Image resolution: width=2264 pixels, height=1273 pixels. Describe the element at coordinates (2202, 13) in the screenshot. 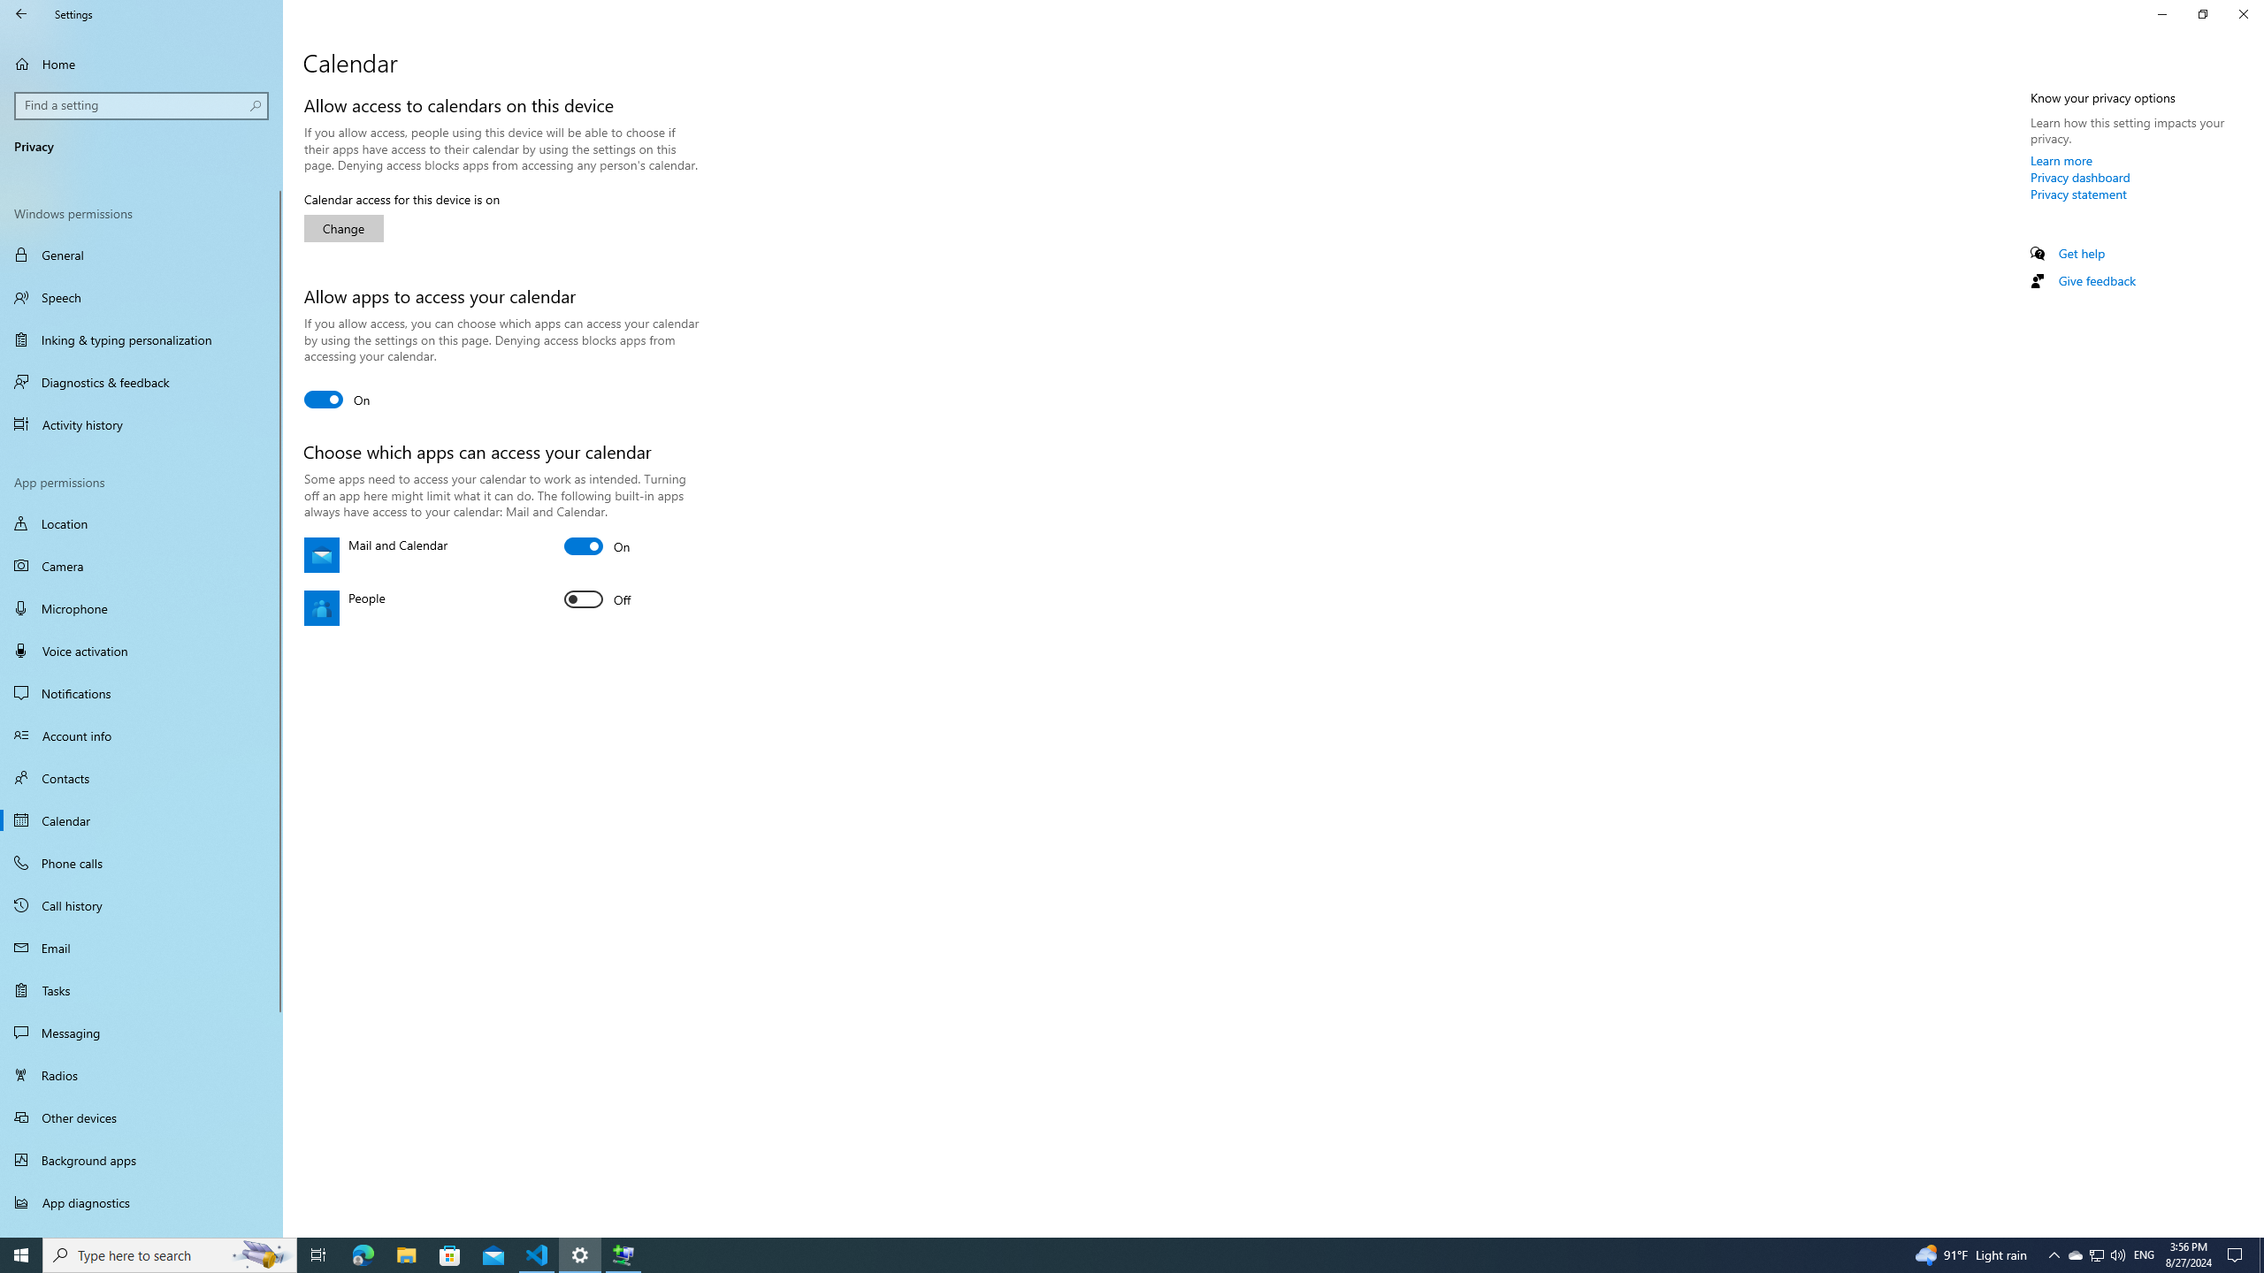

I see `'Restore Settings'` at that location.